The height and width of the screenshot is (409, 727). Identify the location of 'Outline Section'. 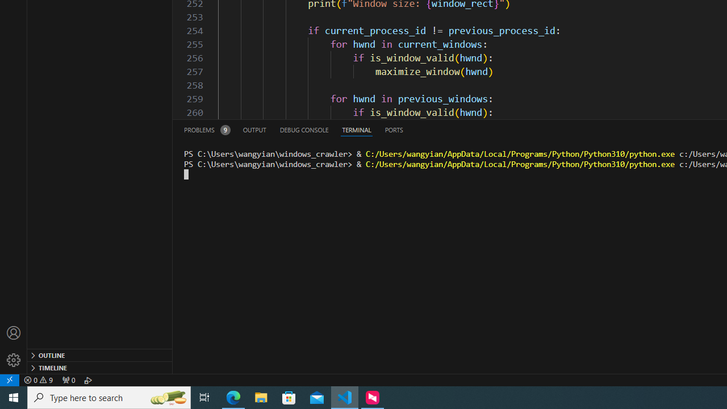
(100, 354).